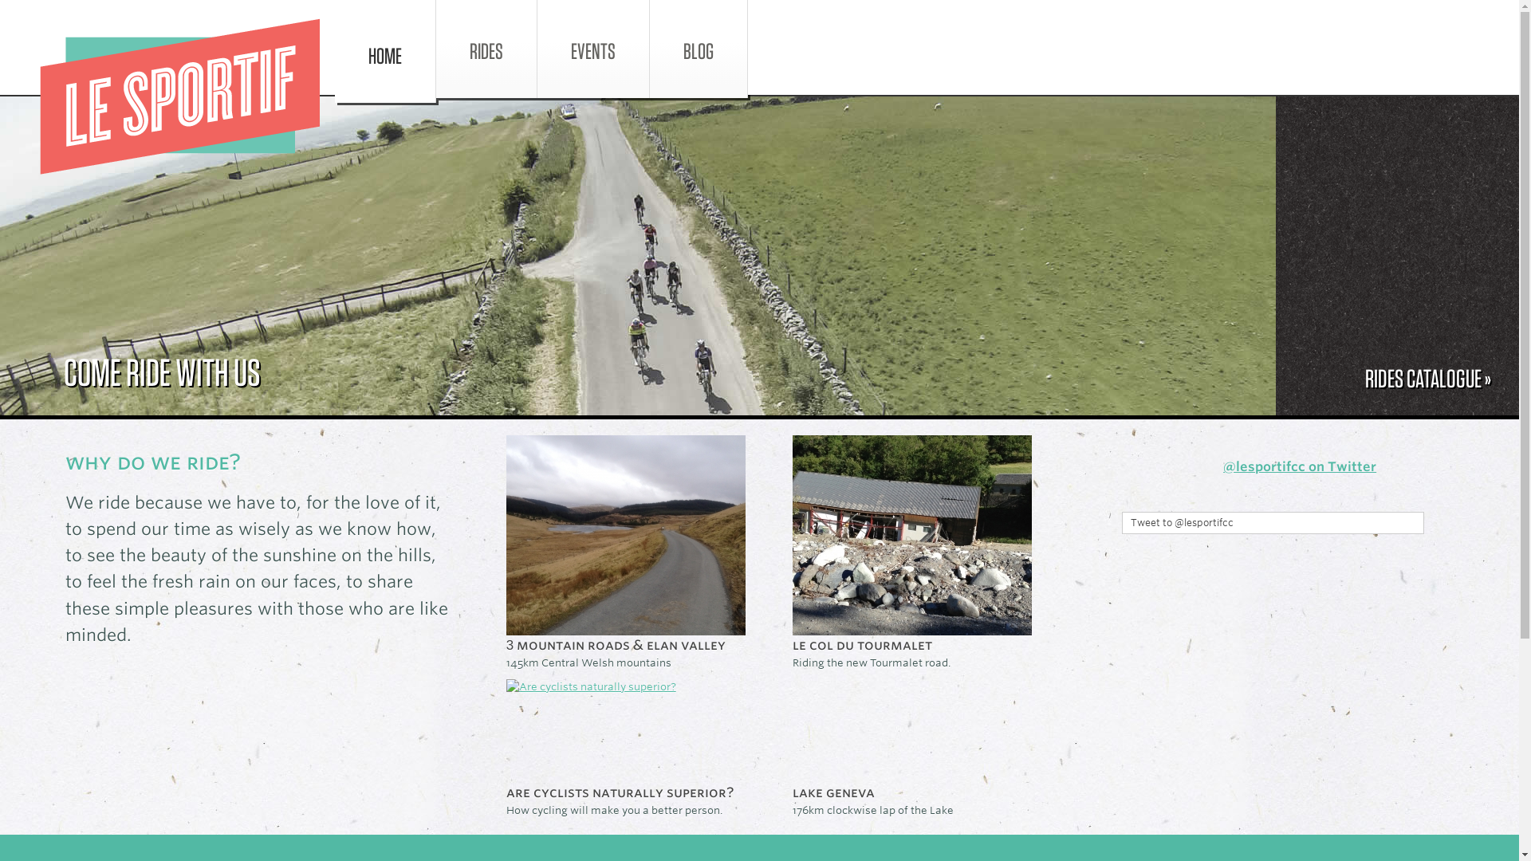  What do you see at coordinates (486, 48) in the screenshot?
I see `'RIDES'` at bounding box center [486, 48].